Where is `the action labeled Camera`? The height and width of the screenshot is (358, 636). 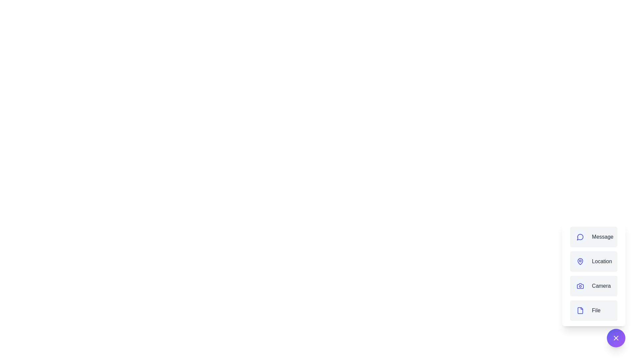 the action labeled Camera is located at coordinates (594, 286).